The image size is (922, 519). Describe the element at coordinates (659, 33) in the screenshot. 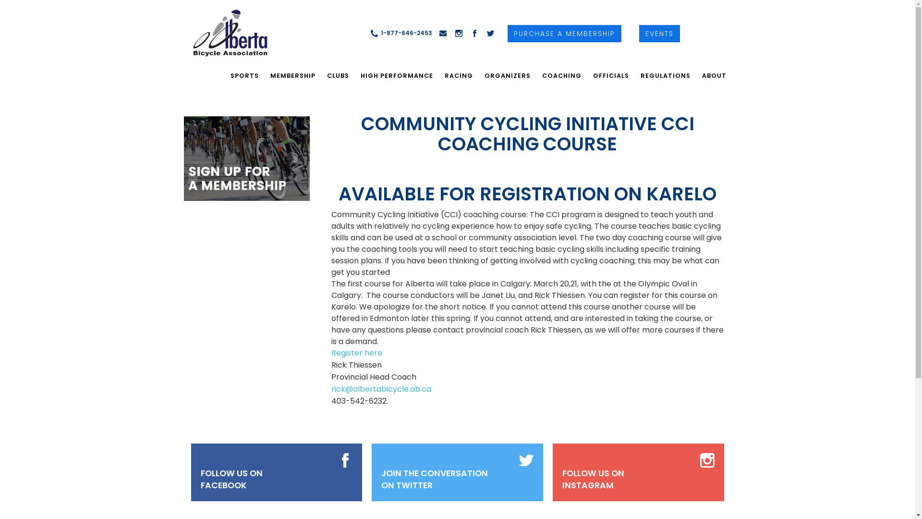

I see `'EVENTS'` at that location.